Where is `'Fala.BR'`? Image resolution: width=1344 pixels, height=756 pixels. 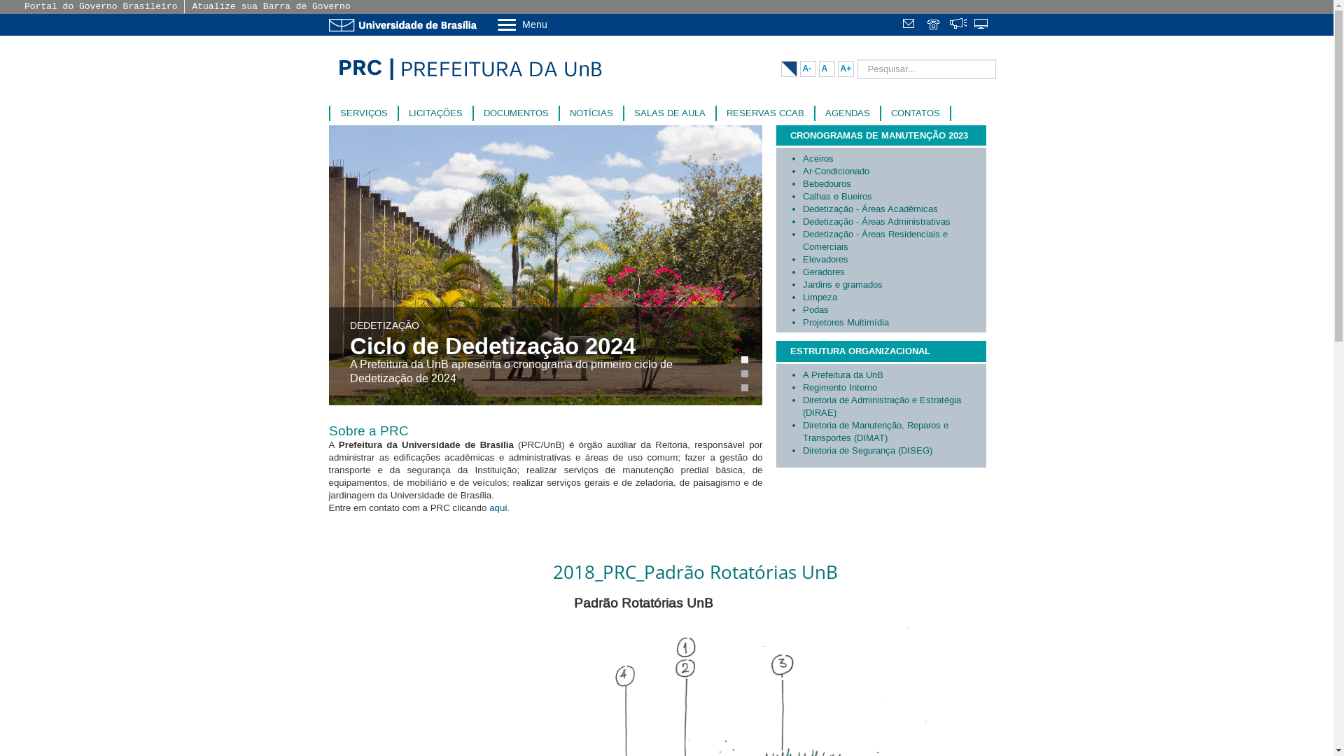 'Fala.BR' is located at coordinates (957, 25).